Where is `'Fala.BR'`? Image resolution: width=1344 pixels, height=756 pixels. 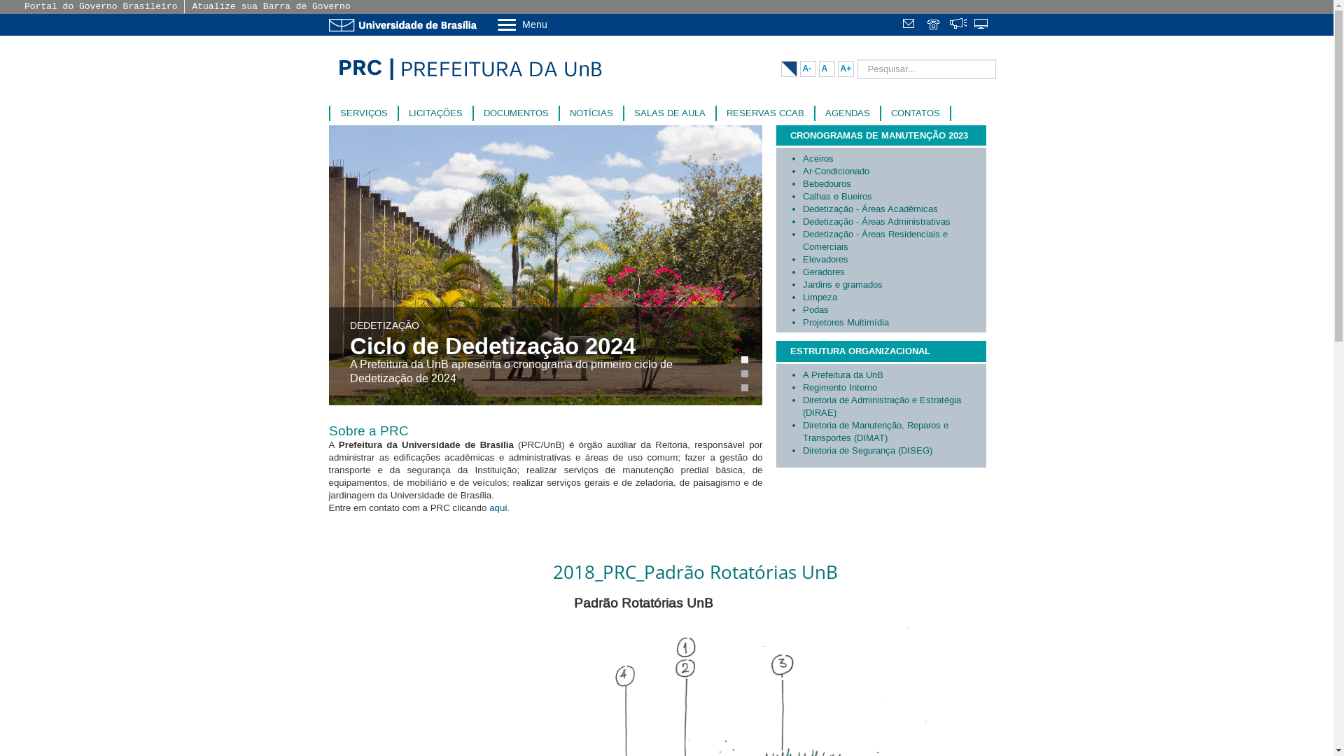 'Fala.BR' is located at coordinates (957, 25).